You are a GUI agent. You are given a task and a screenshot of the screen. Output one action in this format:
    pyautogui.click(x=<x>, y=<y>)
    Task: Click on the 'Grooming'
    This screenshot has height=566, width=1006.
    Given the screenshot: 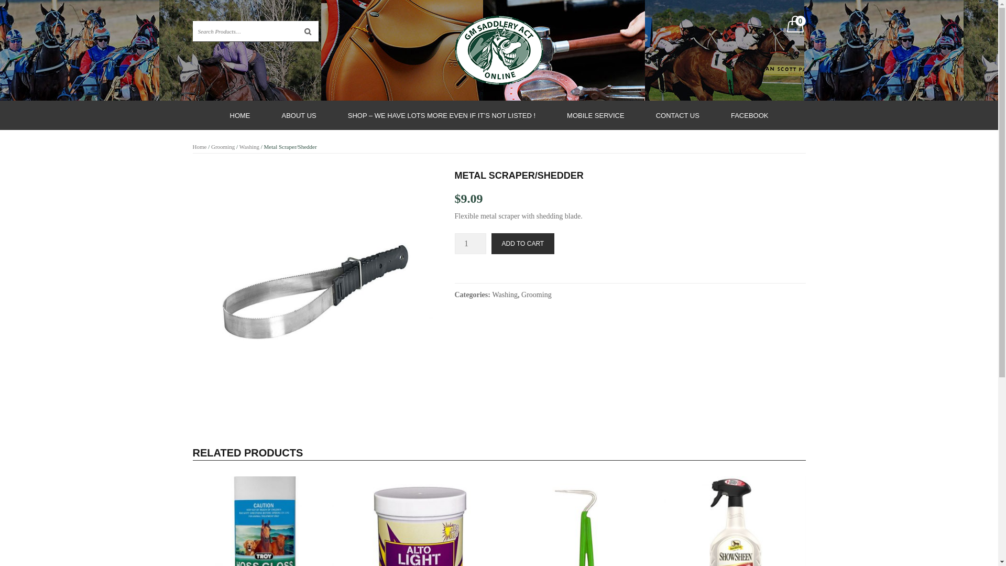 What is the action you would take?
    pyautogui.click(x=536, y=295)
    